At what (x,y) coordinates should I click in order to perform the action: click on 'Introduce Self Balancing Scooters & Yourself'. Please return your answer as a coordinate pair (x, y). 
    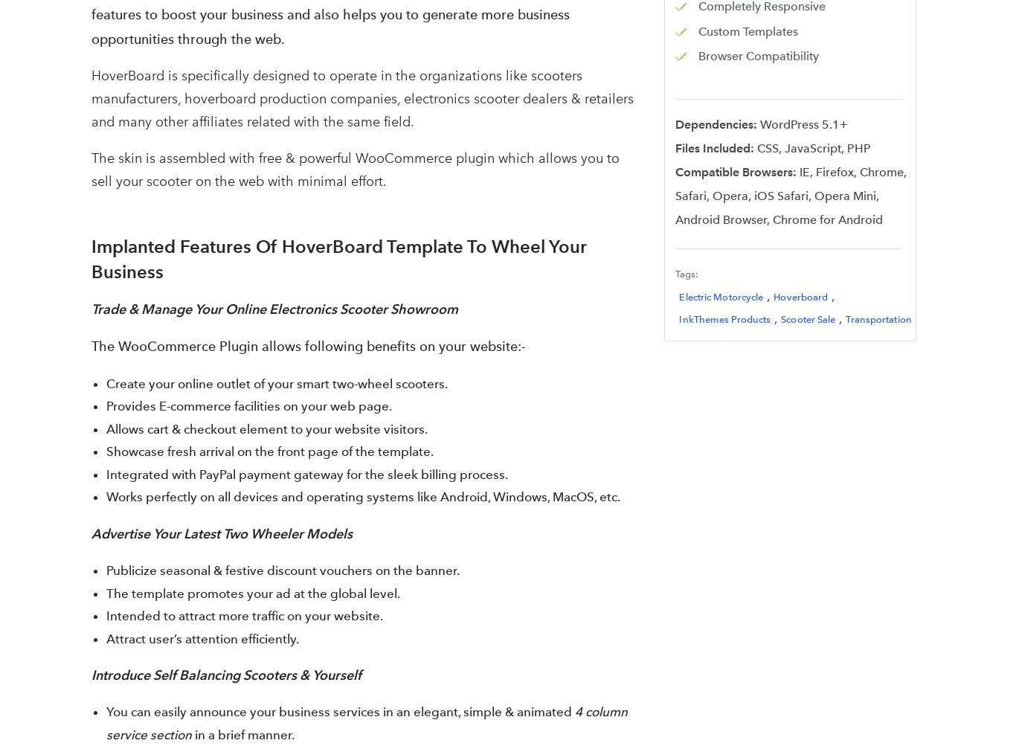
    Looking at the image, I should click on (226, 674).